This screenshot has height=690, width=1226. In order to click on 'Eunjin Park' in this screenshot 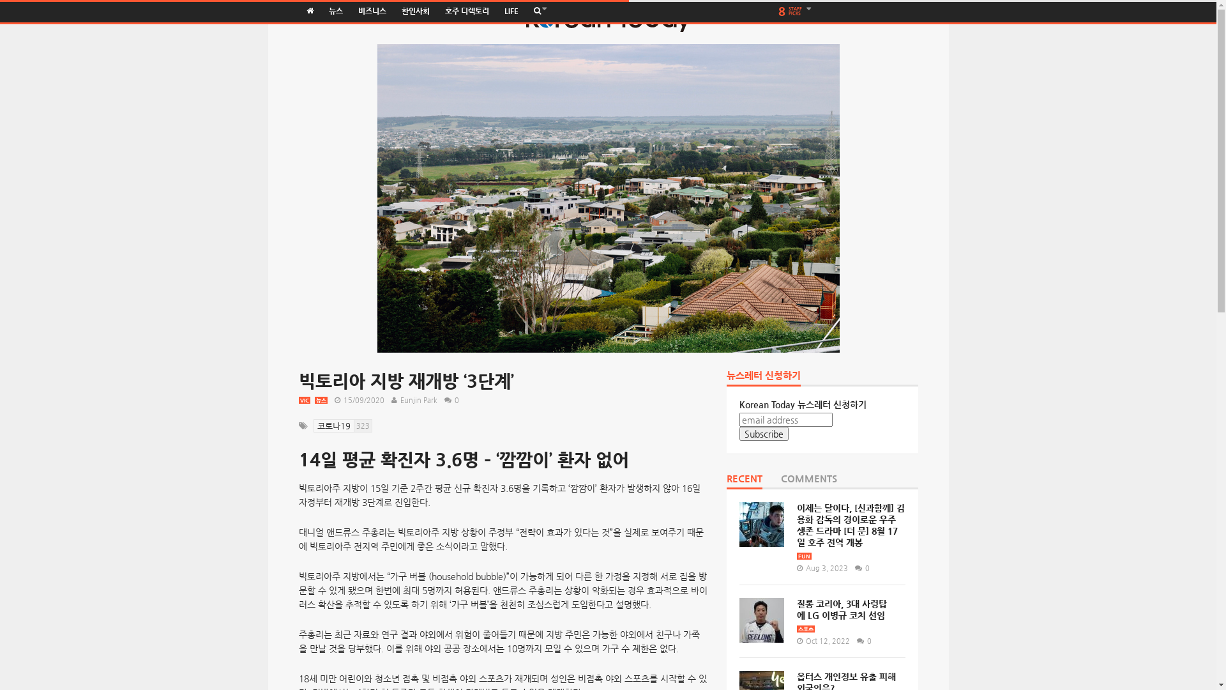, I will do `click(418, 399)`.